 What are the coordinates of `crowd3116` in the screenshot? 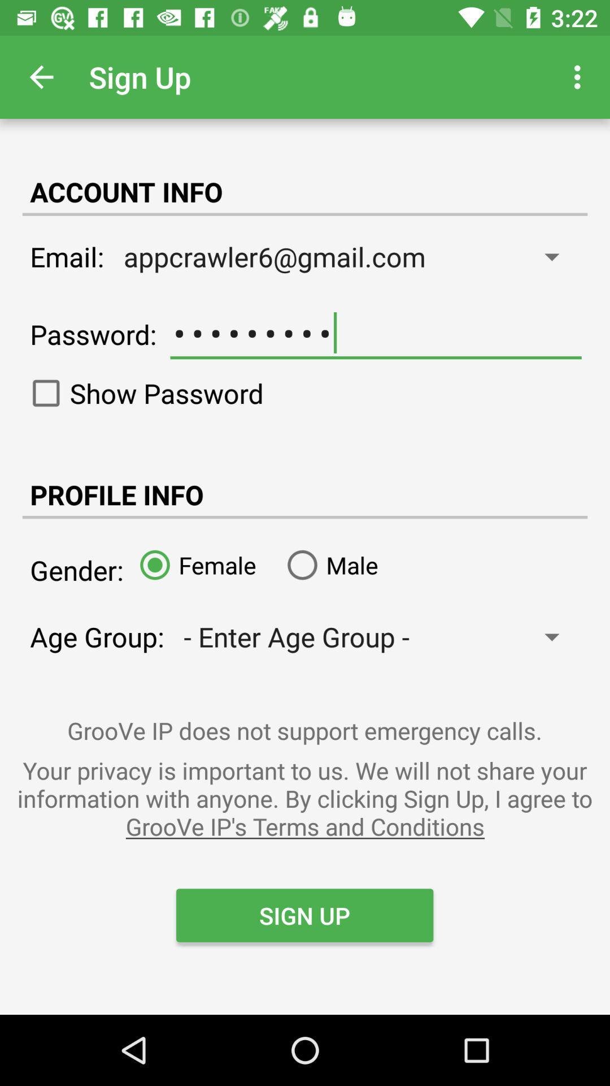 It's located at (376, 333).